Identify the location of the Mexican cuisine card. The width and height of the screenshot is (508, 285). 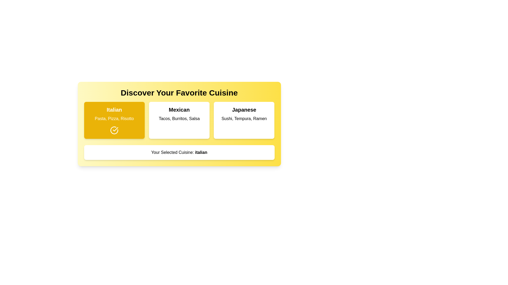
(179, 120).